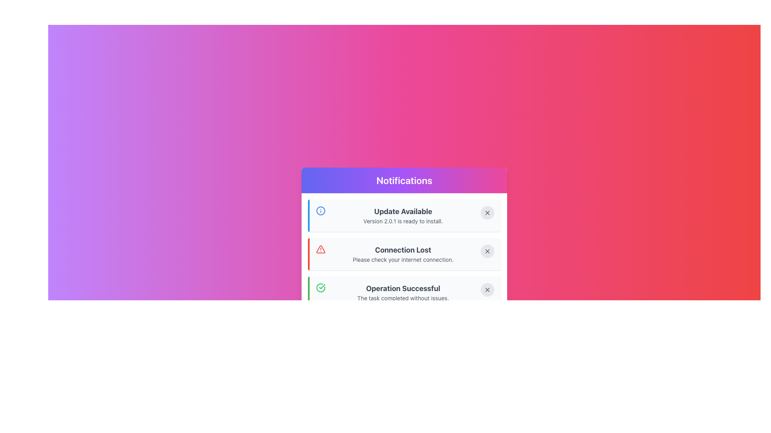  I want to click on the small 'X' icon inside the circular button on the right side of the 'Connection Lost' notification, so click(487, 251).